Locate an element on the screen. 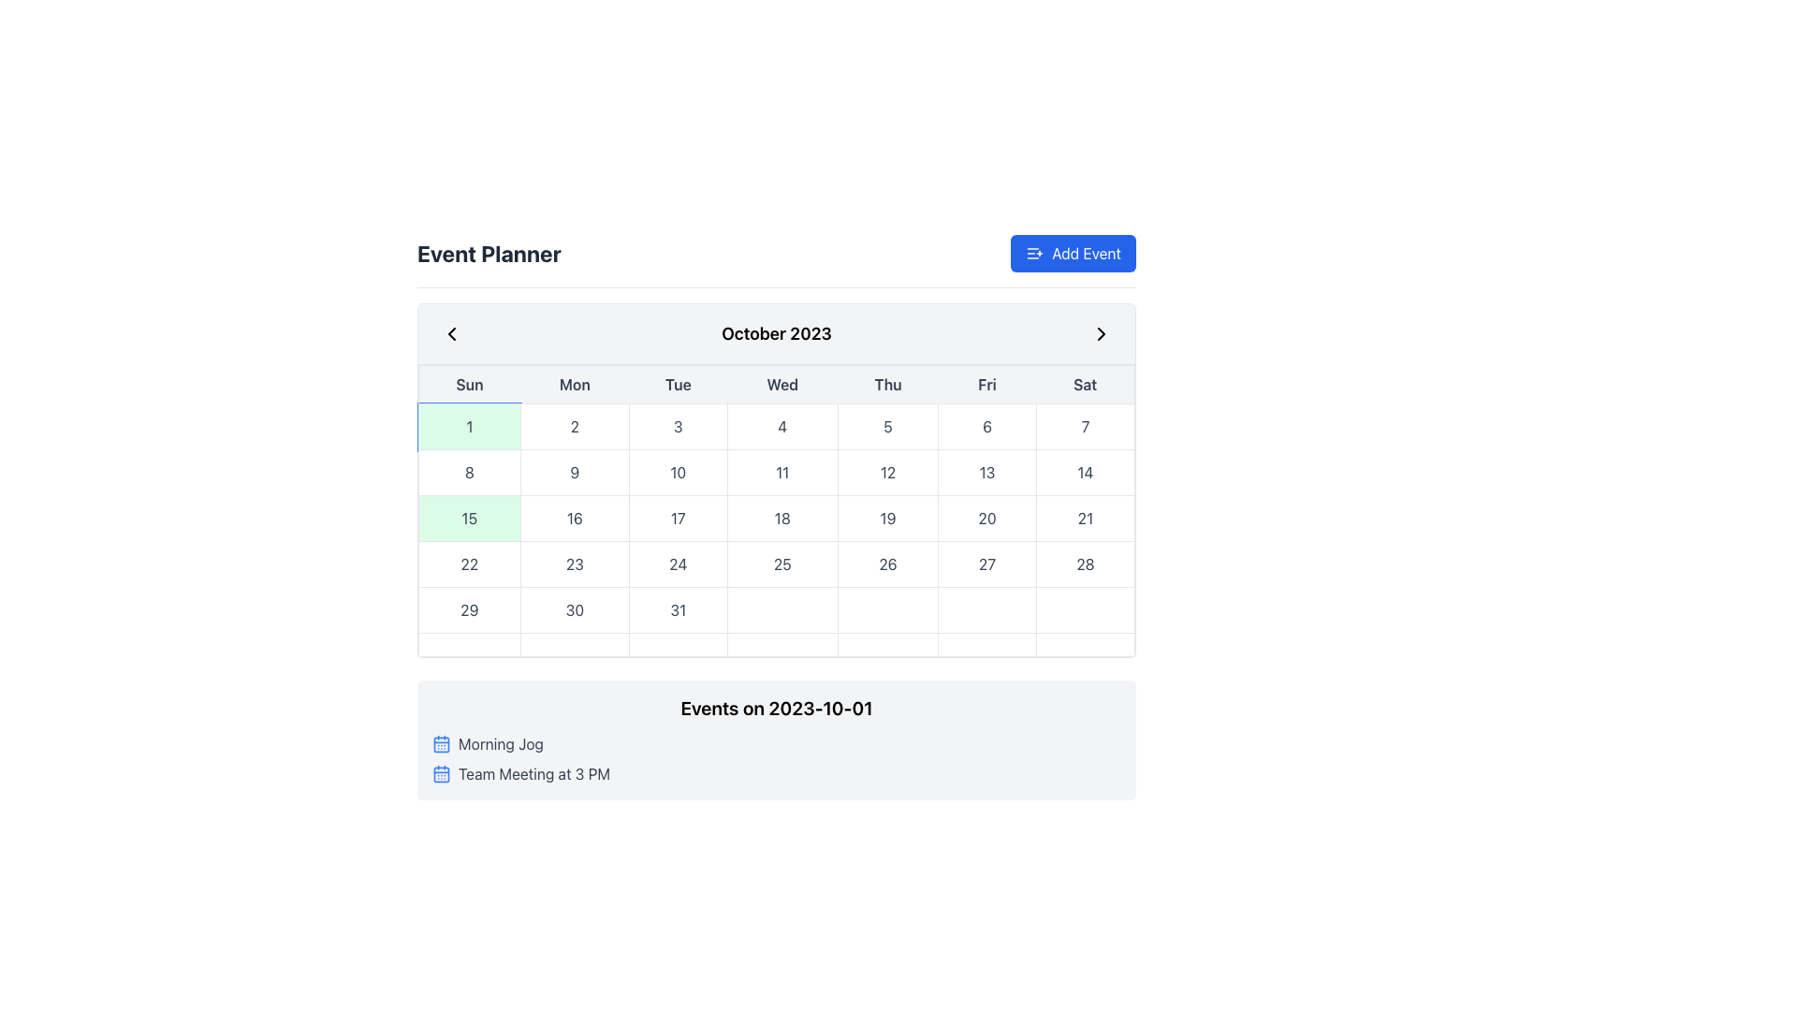 This screenshot has width=1797, height=1011. the unmarked calendar cell in the last row of the grid layout representing a calendar by clicking on it to choose a date is located at coordinates (887, 609).